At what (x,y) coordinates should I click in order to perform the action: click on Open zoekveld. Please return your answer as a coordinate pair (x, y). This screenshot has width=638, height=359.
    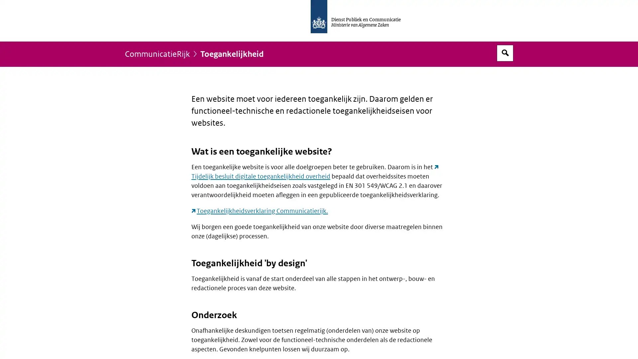
    Looking at the image, I should click on (505, 53).